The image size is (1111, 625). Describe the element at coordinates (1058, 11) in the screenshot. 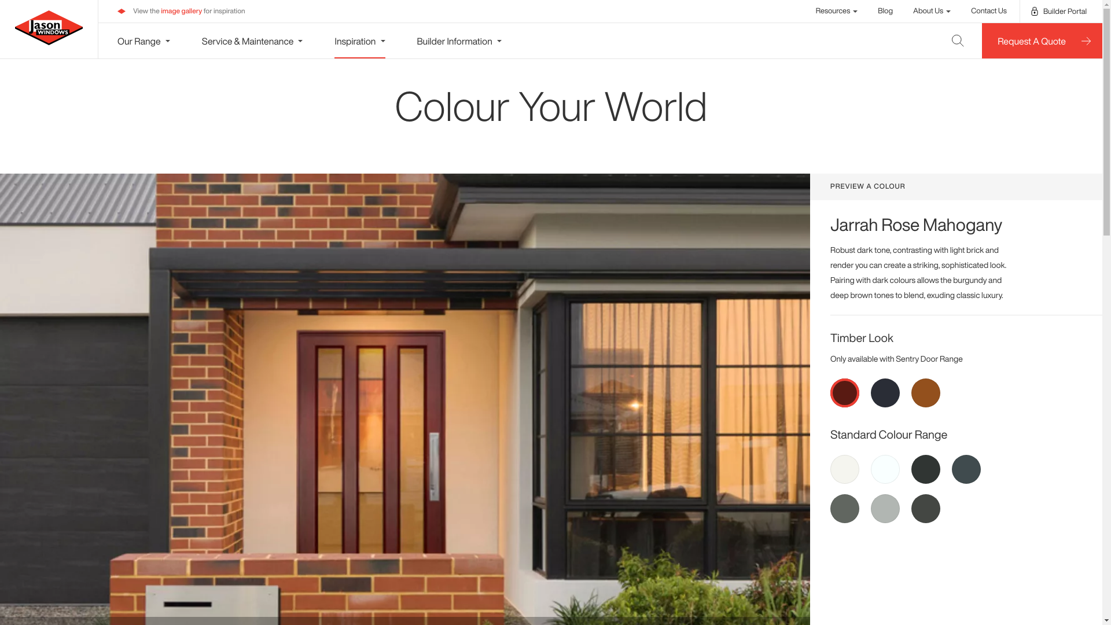

I see `'Builder Portal'` at that location.